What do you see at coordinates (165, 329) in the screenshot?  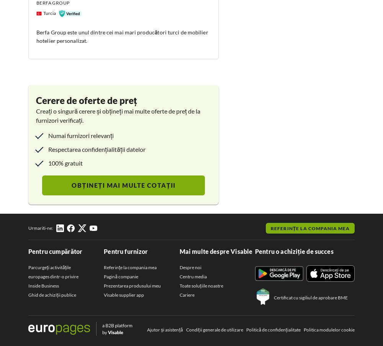 I see `'Ajutor și asistență'` at bounding box center [165, 329].